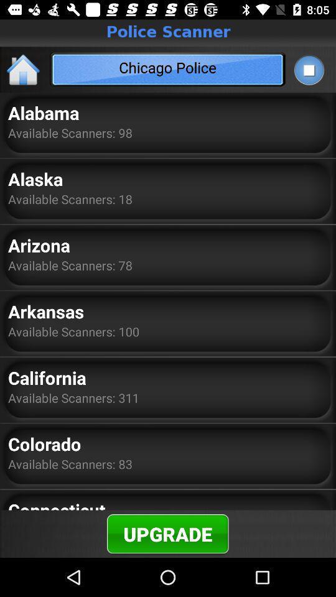 This screenshot has width=336, height=597. What do you see at coordinates (44, 443) in the screenshot?
I see `colorado icon` at bounding box center [44, 443].